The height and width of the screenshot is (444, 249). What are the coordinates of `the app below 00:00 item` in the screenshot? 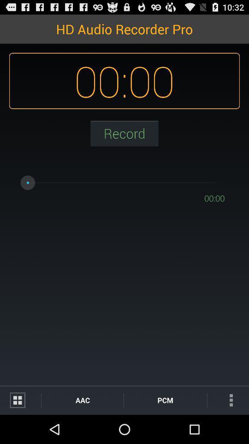 It's located at (165, 400).